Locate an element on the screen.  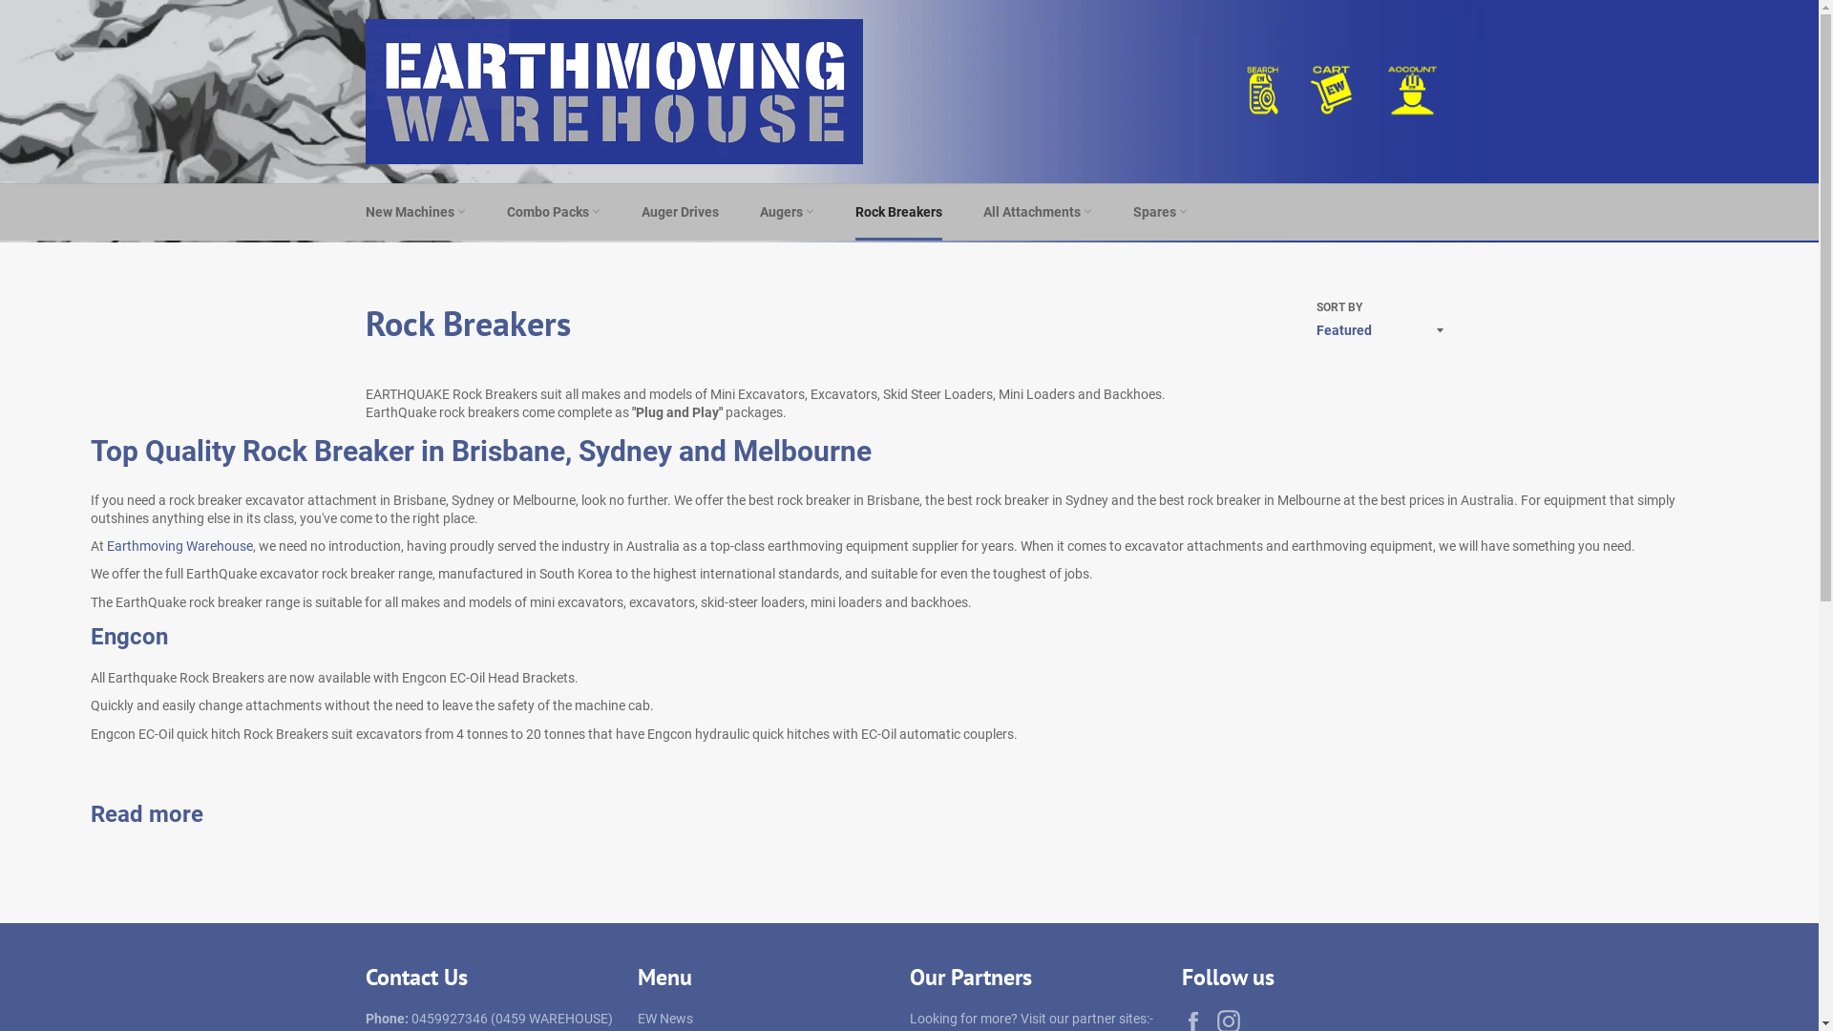
'0459927346 (0459 WAREHOUSE)' is located at coordinates (511, 1018).